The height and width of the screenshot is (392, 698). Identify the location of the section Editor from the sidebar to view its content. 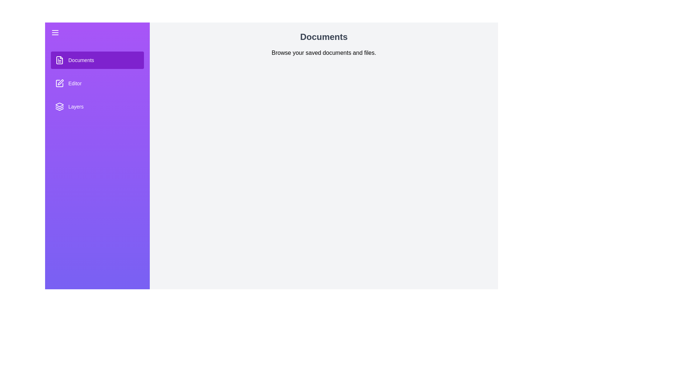
(97, 83).